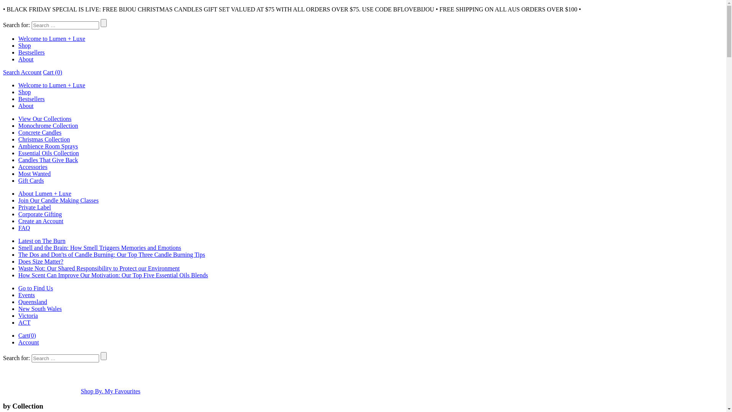  Describe the element at coordinates (27, 295) in the screenshot. I see `'Events'` at that location.